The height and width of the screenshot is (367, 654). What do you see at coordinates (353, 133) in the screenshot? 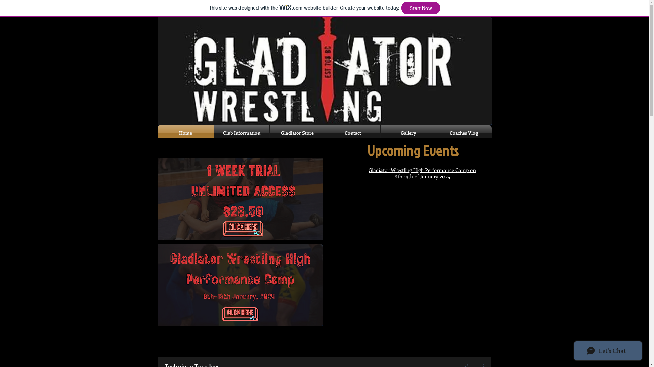
I see `'Contact'` at bounding box center [353, 133].